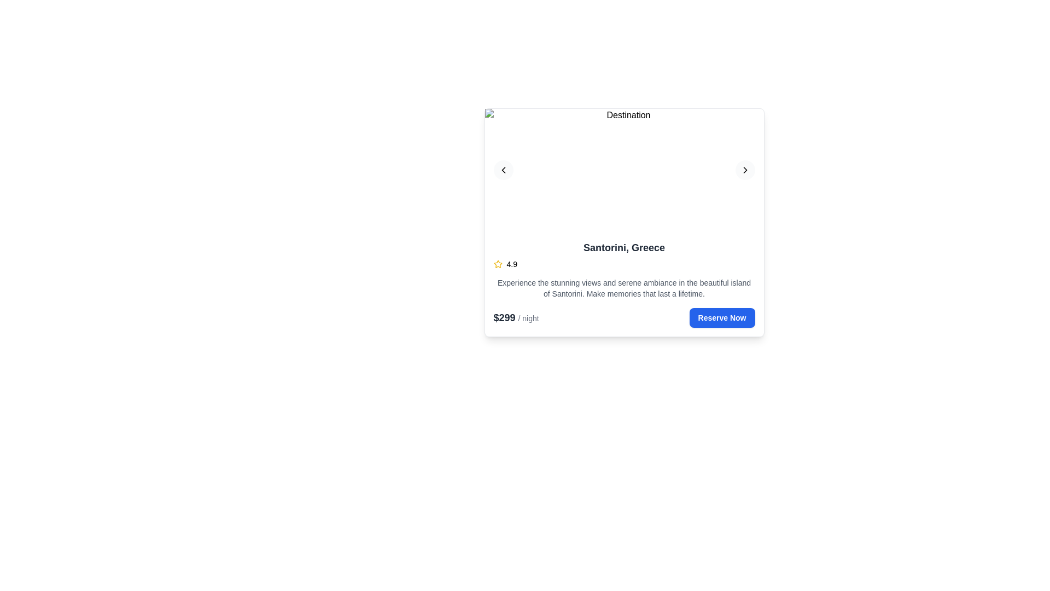 This screenshot has width=1050, height=591. I want to click on the promotional text label styled in gray, centrally located within the card layout, positioned below the rating section and above the price and action section, so click(624, 288).